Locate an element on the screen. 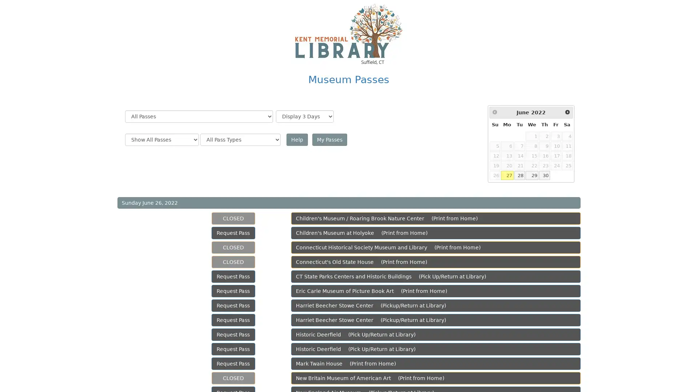  Request Pass is located at coordinates (233, 277).